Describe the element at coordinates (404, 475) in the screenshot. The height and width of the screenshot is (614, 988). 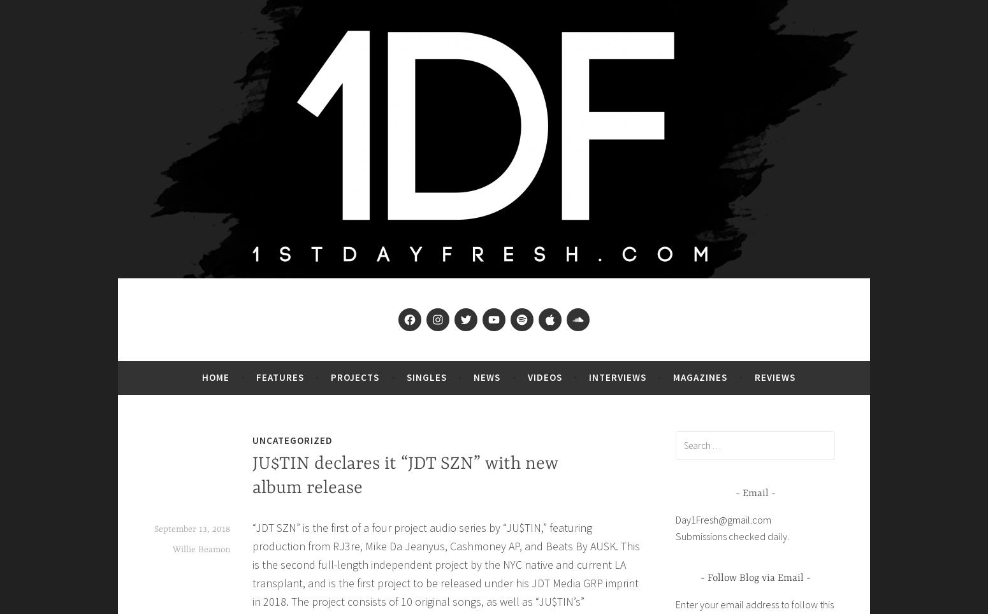
I see `'JU$TIN declares it “JDT SZN” with new album release'` at that location.